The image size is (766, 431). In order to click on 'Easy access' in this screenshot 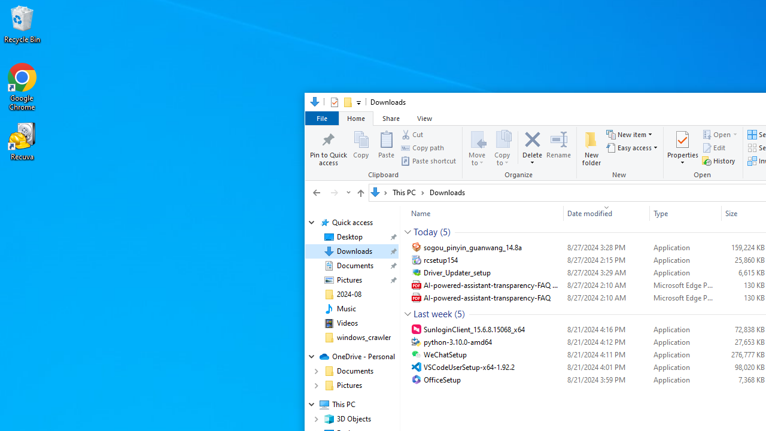, I will do `click(631, 147)`.